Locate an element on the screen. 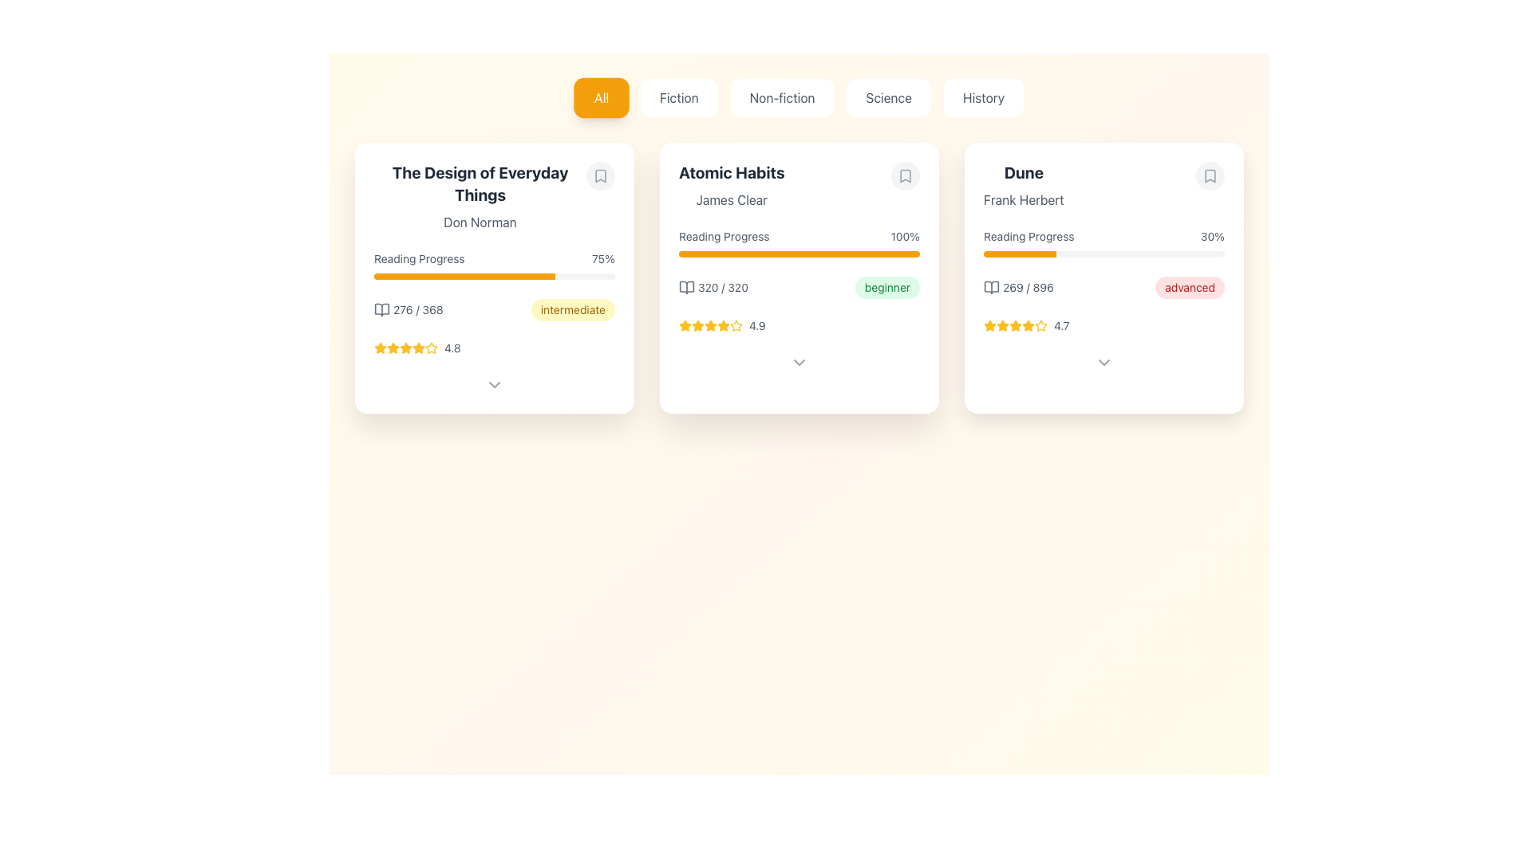  the title text element of the book card, which is located at the top section above the text 'Frank Herbert' is located at coordinates (1024, 172).